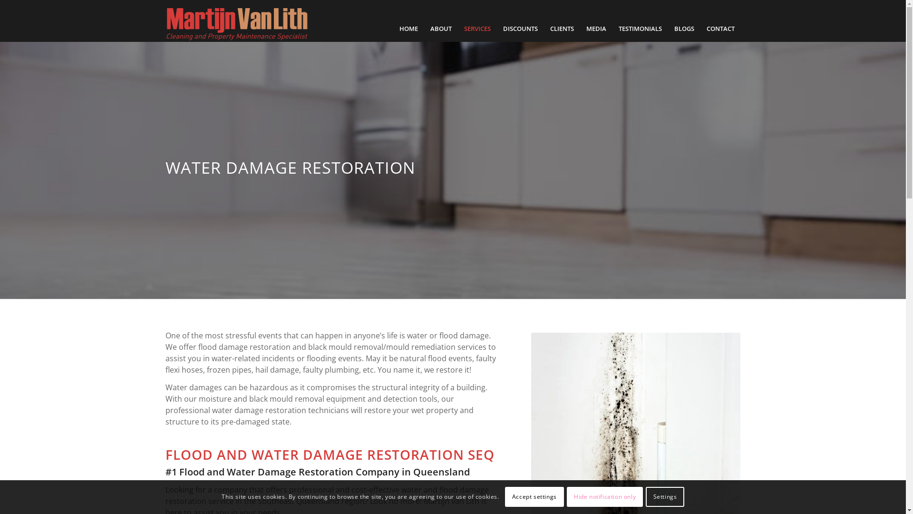 The image size is (913, 514). I want to click on 'BLOGS', so click(667, 28).